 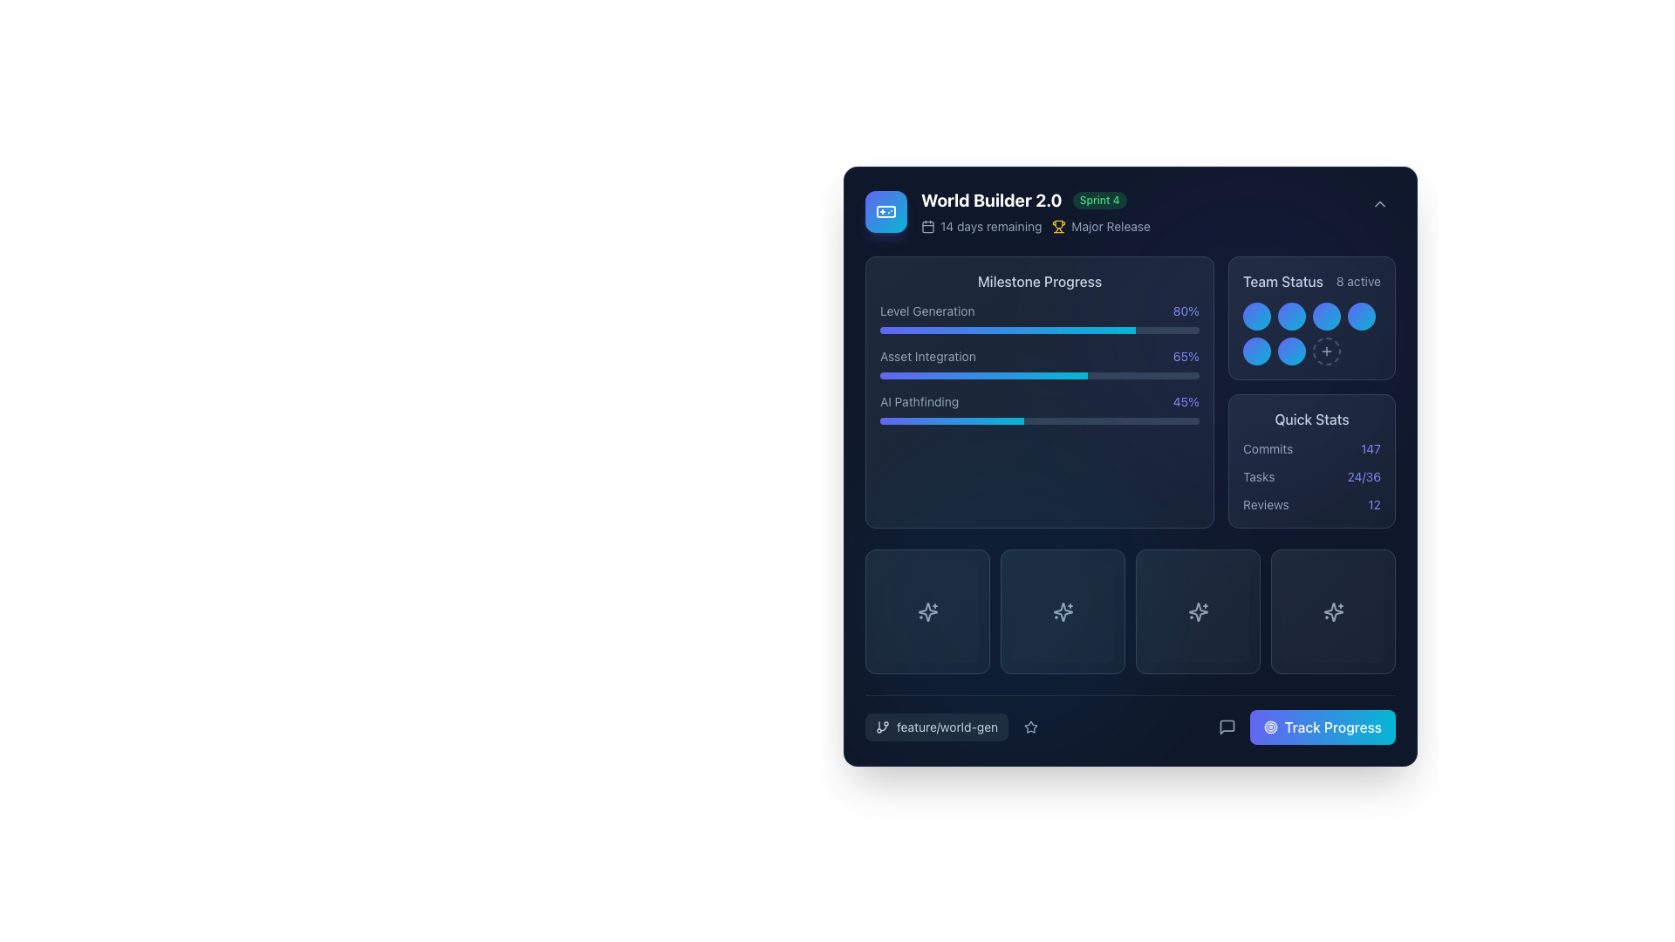 I want to click on the circular button with a dashed border and a plus icon located in the second row and third column of the grid, so click(x=1326, y=351).